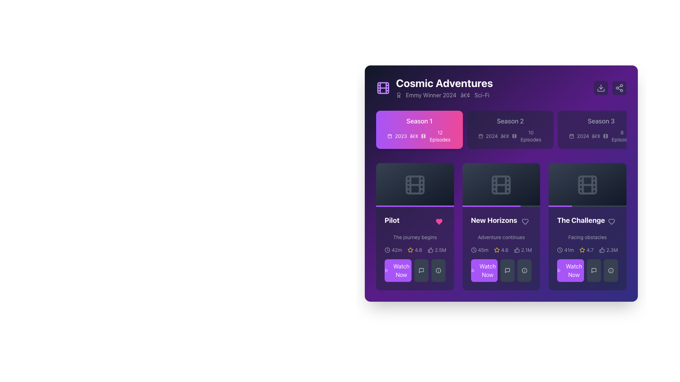  I want to click on the central rectangular component of the filmstrip icon located in the upper region of the 'Pilot' card, below 'Season 1' in the 'Cosmic Adventures' display, so click(415, 184).